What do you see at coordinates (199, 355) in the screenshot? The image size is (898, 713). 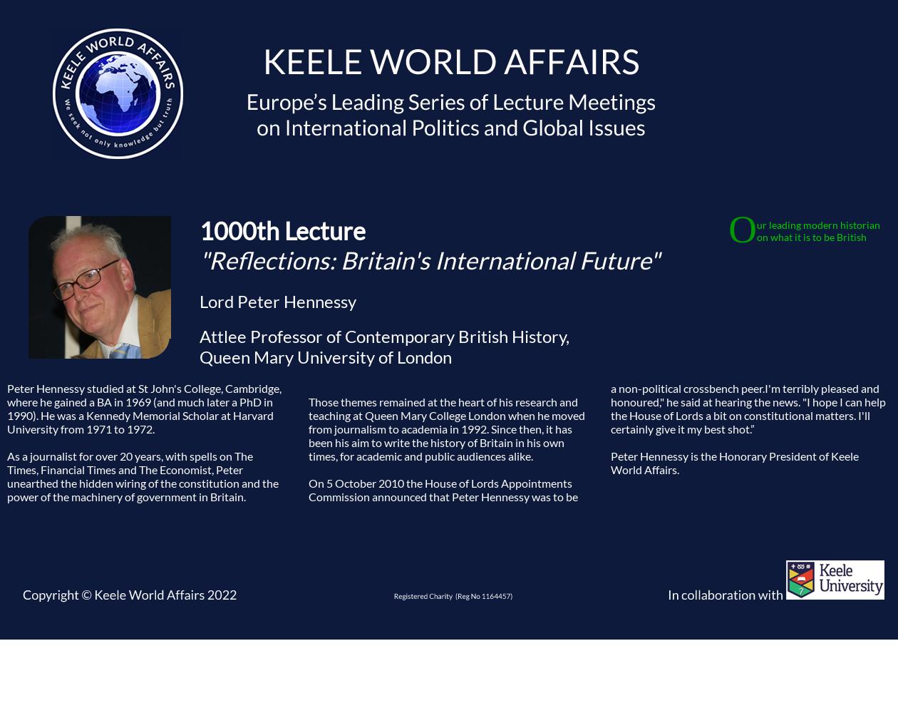 I see `'Queen Mary University of London'` at bounding box center [199, 355].